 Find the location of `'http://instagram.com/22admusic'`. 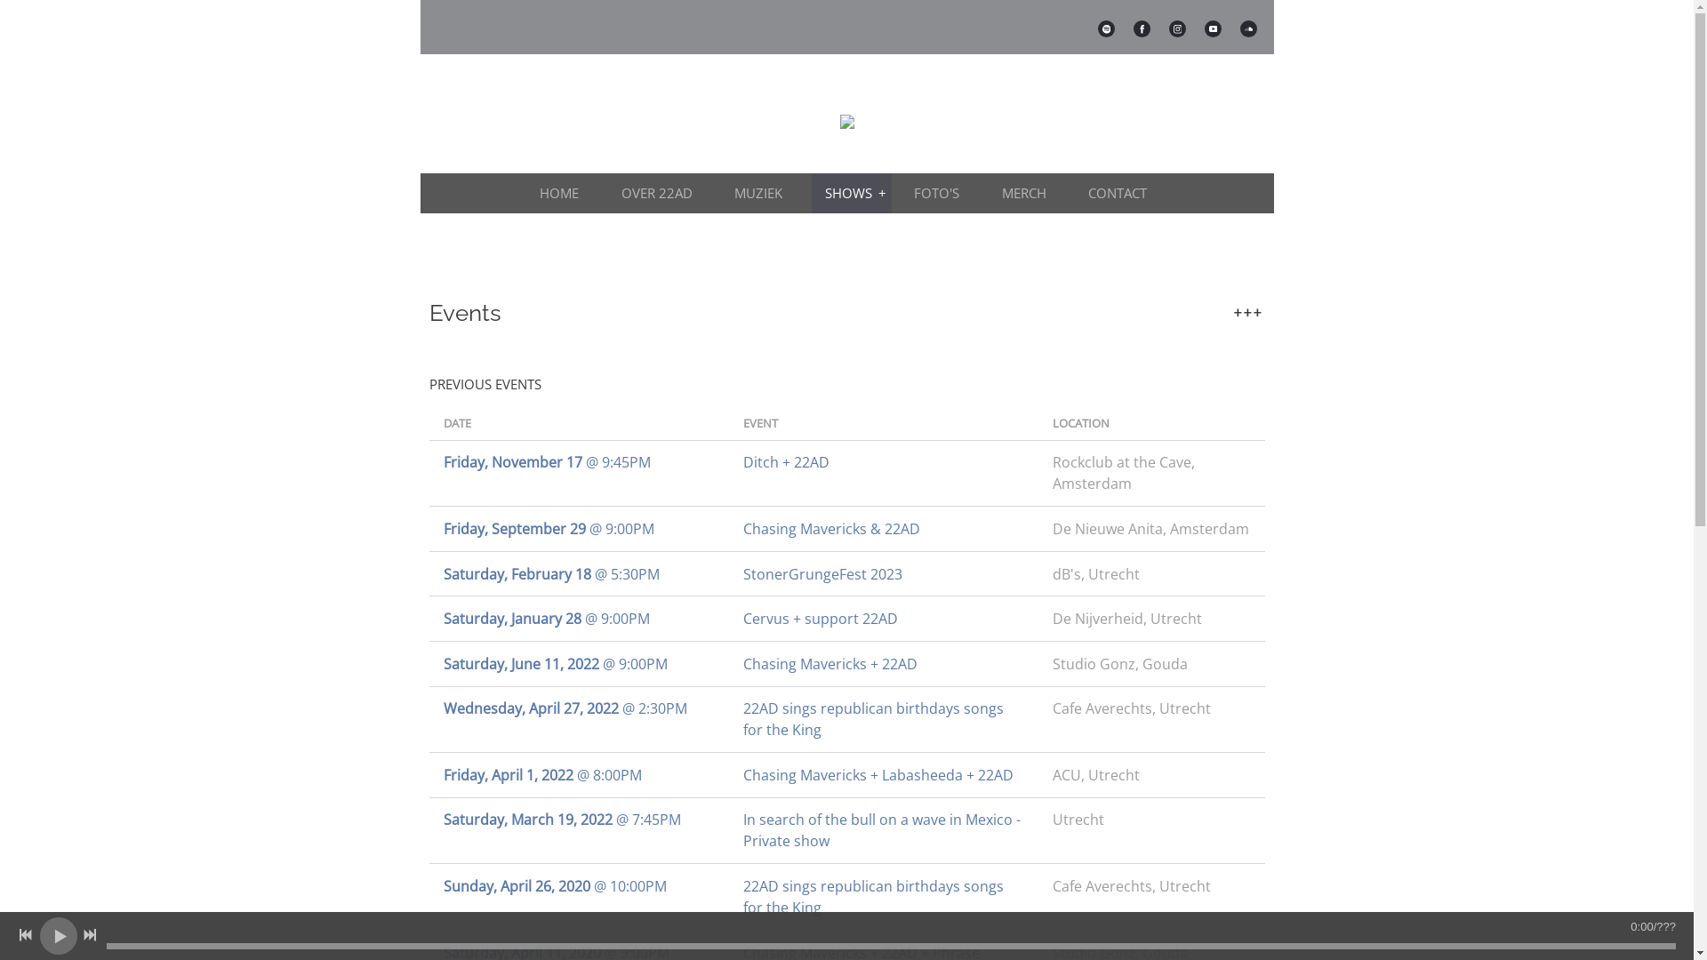

'http://instagram.com/22admusic' is located at coordinates (1177, 28).